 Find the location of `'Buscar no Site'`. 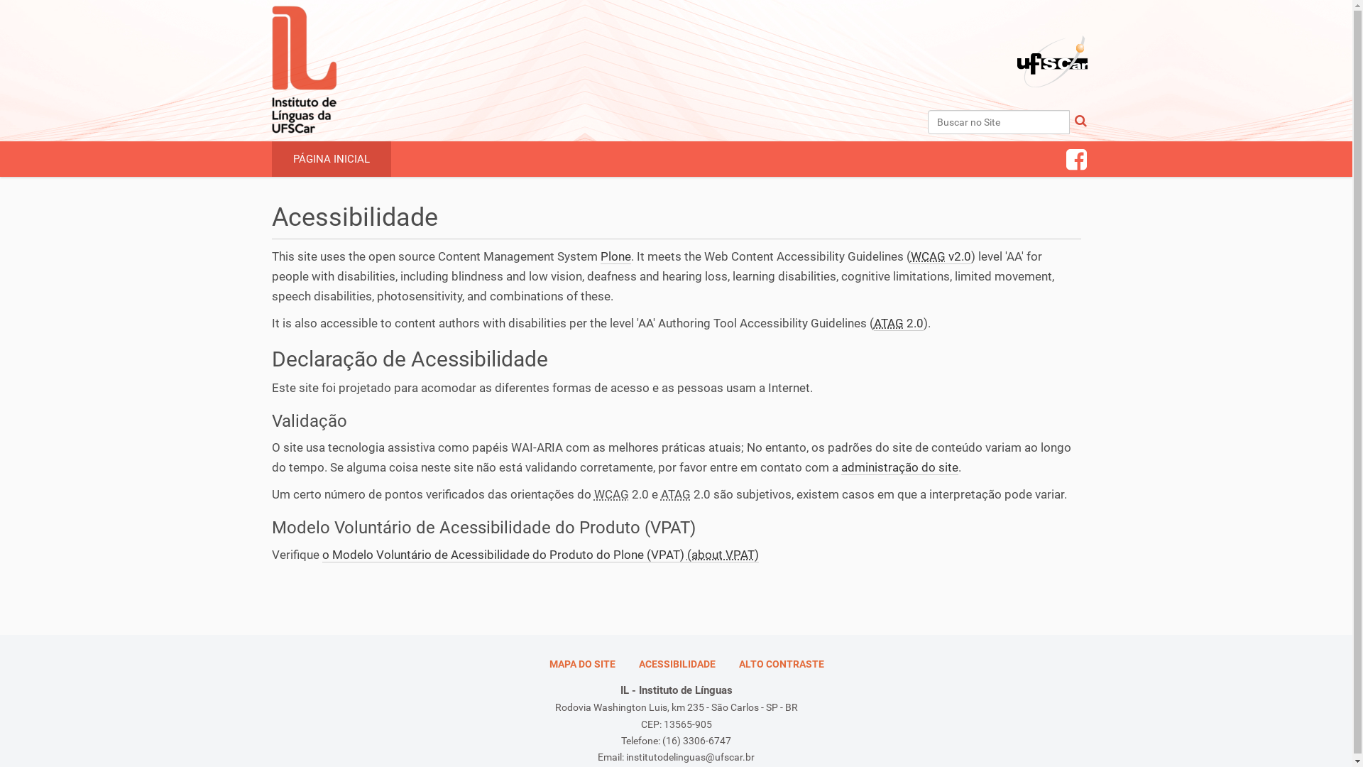

'Buscar no Site' is located at coordinates (926, 121).